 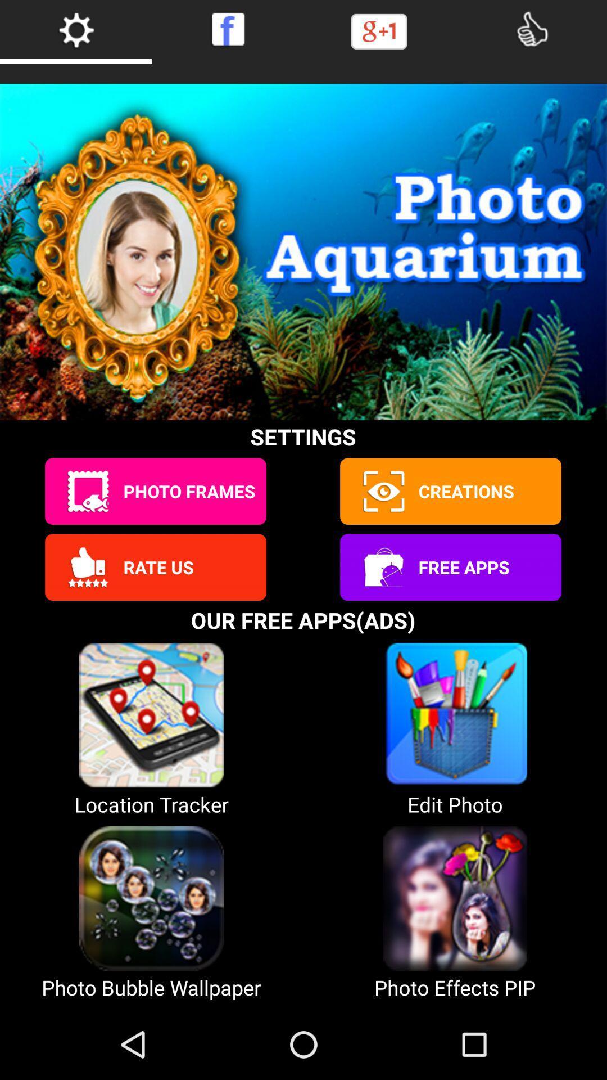 I want to click on like, so click(x=531, y=29).